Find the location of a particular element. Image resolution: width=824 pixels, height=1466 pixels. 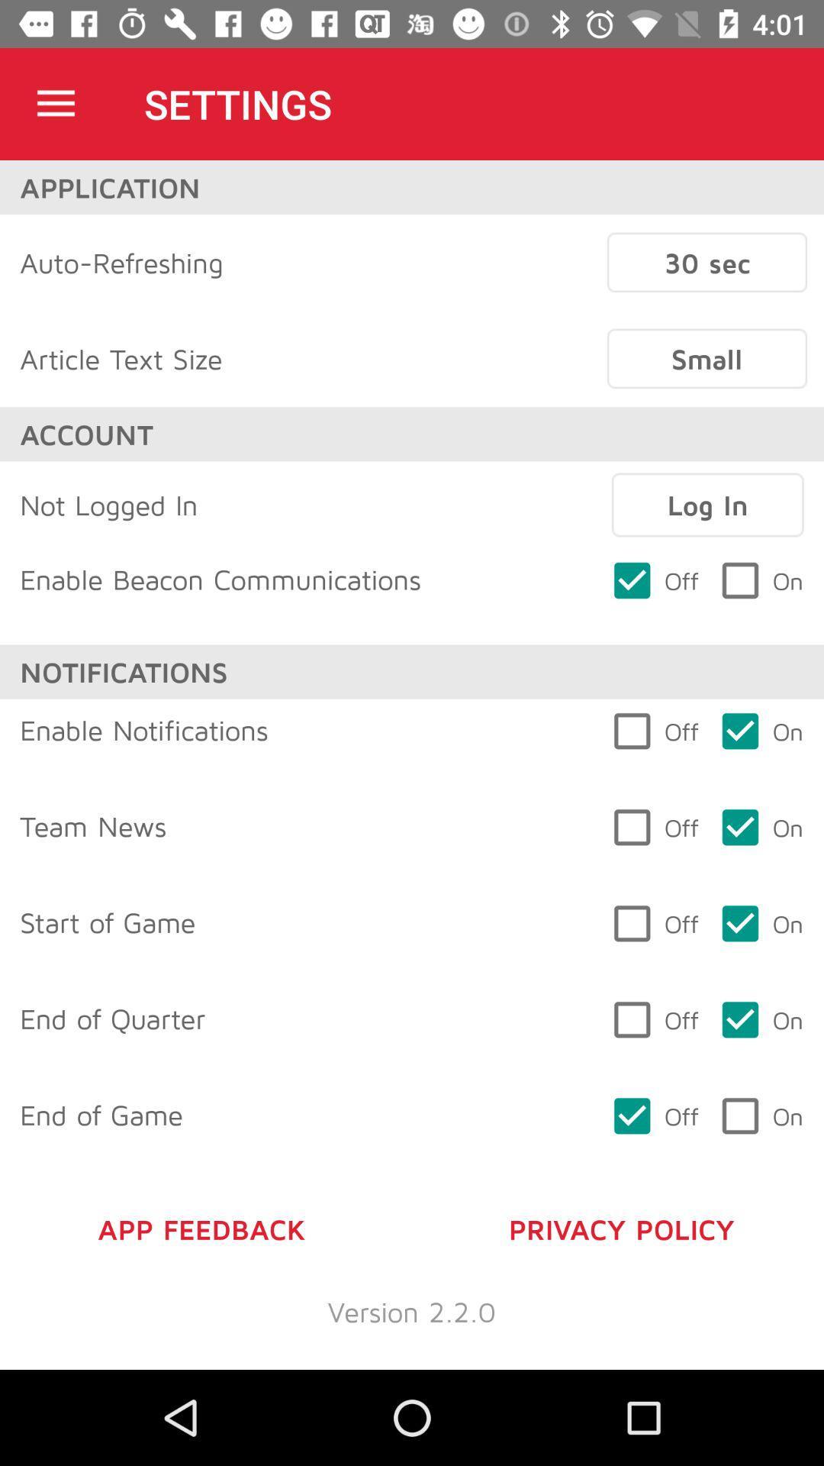

icon above the application icon is located at coordinates (55, 103).